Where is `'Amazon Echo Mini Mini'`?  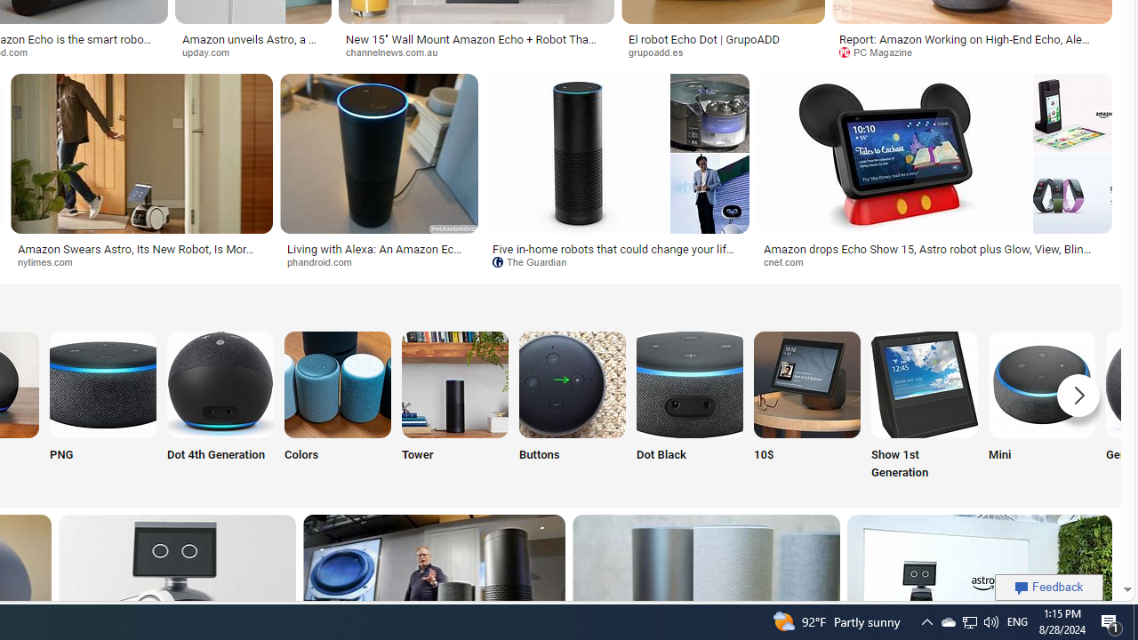 'Amazon Echo Mini Mini' is located at coordinates (1041, 407).